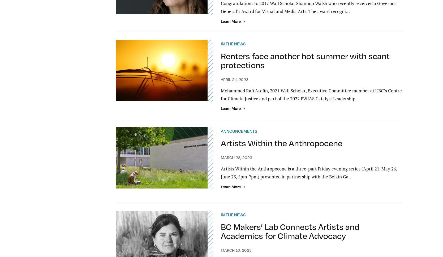  Describe the element at coordinates (196, 177) in the screenshot. I see `'4'` at that location.